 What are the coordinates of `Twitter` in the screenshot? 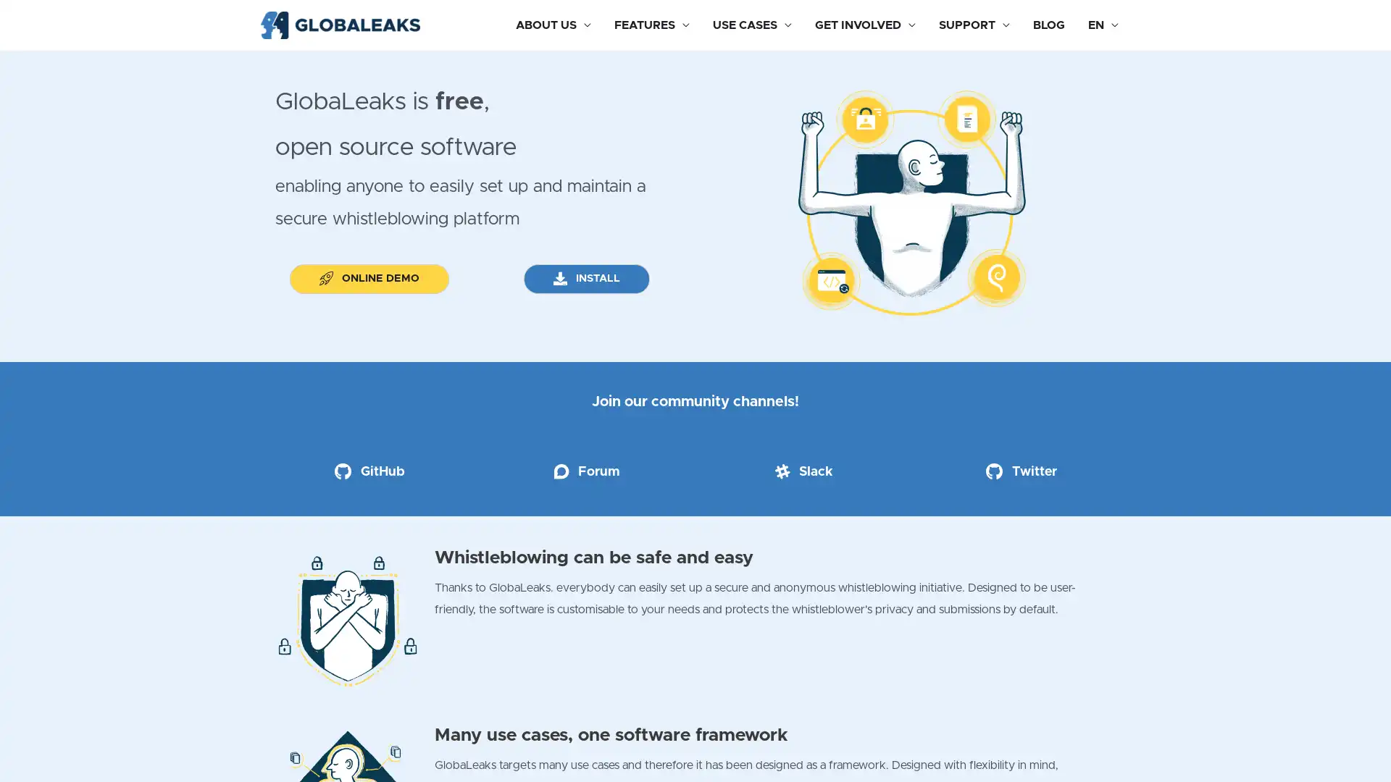 It's located at (1021, 471).